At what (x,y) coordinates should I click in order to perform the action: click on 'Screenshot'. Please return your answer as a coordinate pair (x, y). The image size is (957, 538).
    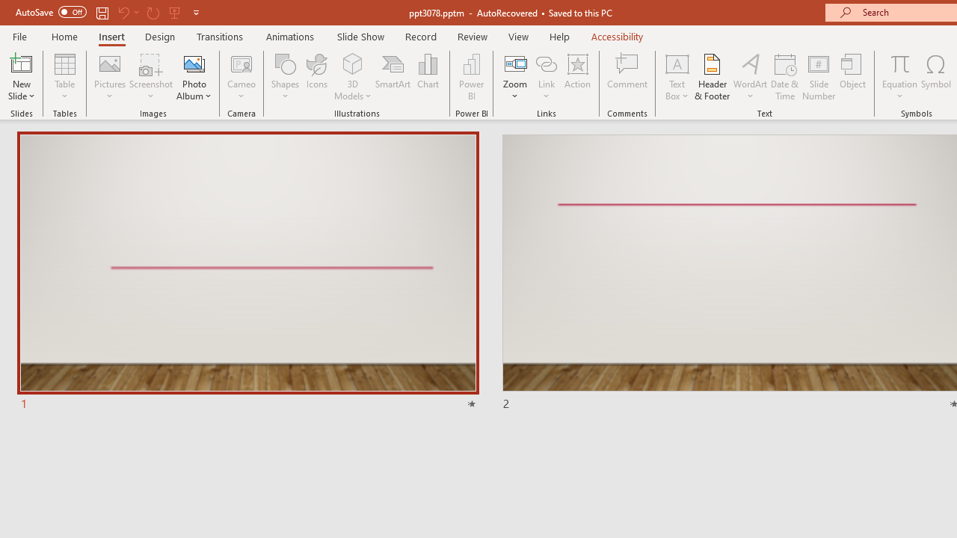
    Looking at the image, I should click on (151, 77).